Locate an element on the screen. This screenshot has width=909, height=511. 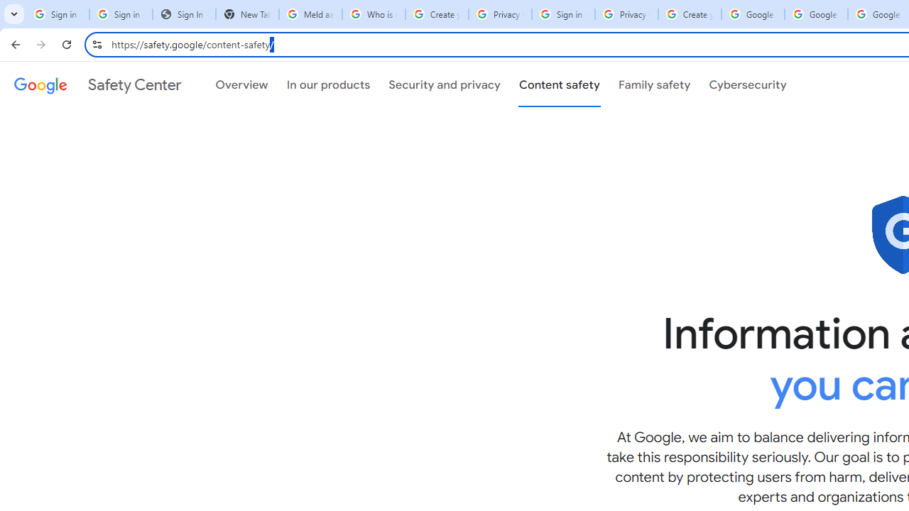
'Cybersecurity' is located at coordinates (747, 84).